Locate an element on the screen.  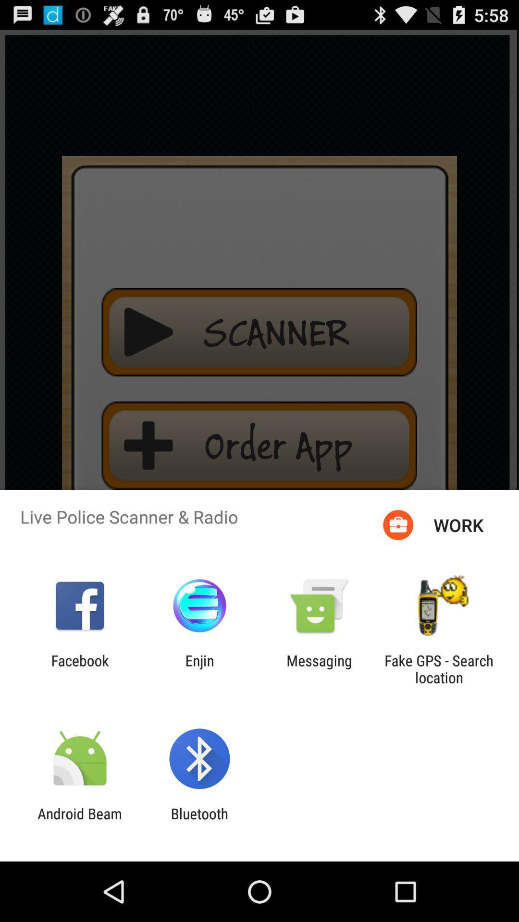
the app to the left of enjin app is located at coordinates (79, 668).